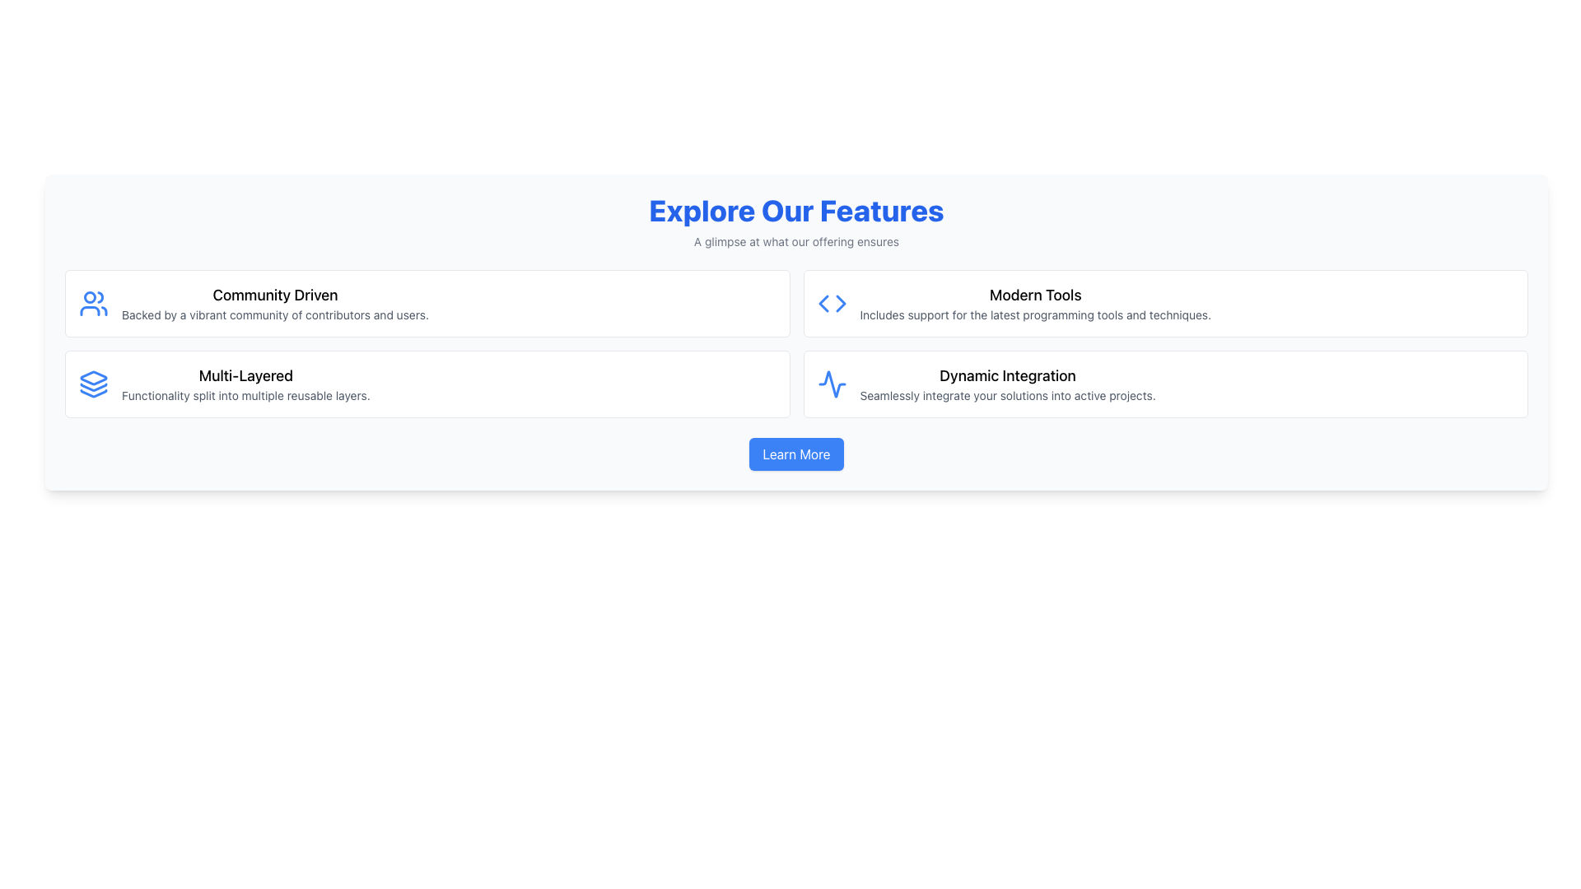 The width and height of the screenshot is (1581, 889). What do you see at coordinates (796, 241) in the screenshot?
I see `the subtitle text reading 'A glimpse at what our offering ensures,' which is styled in a small, gray, and centered font, located below the main title 'Explore Our Features.'` at bounding box center [796, 241].